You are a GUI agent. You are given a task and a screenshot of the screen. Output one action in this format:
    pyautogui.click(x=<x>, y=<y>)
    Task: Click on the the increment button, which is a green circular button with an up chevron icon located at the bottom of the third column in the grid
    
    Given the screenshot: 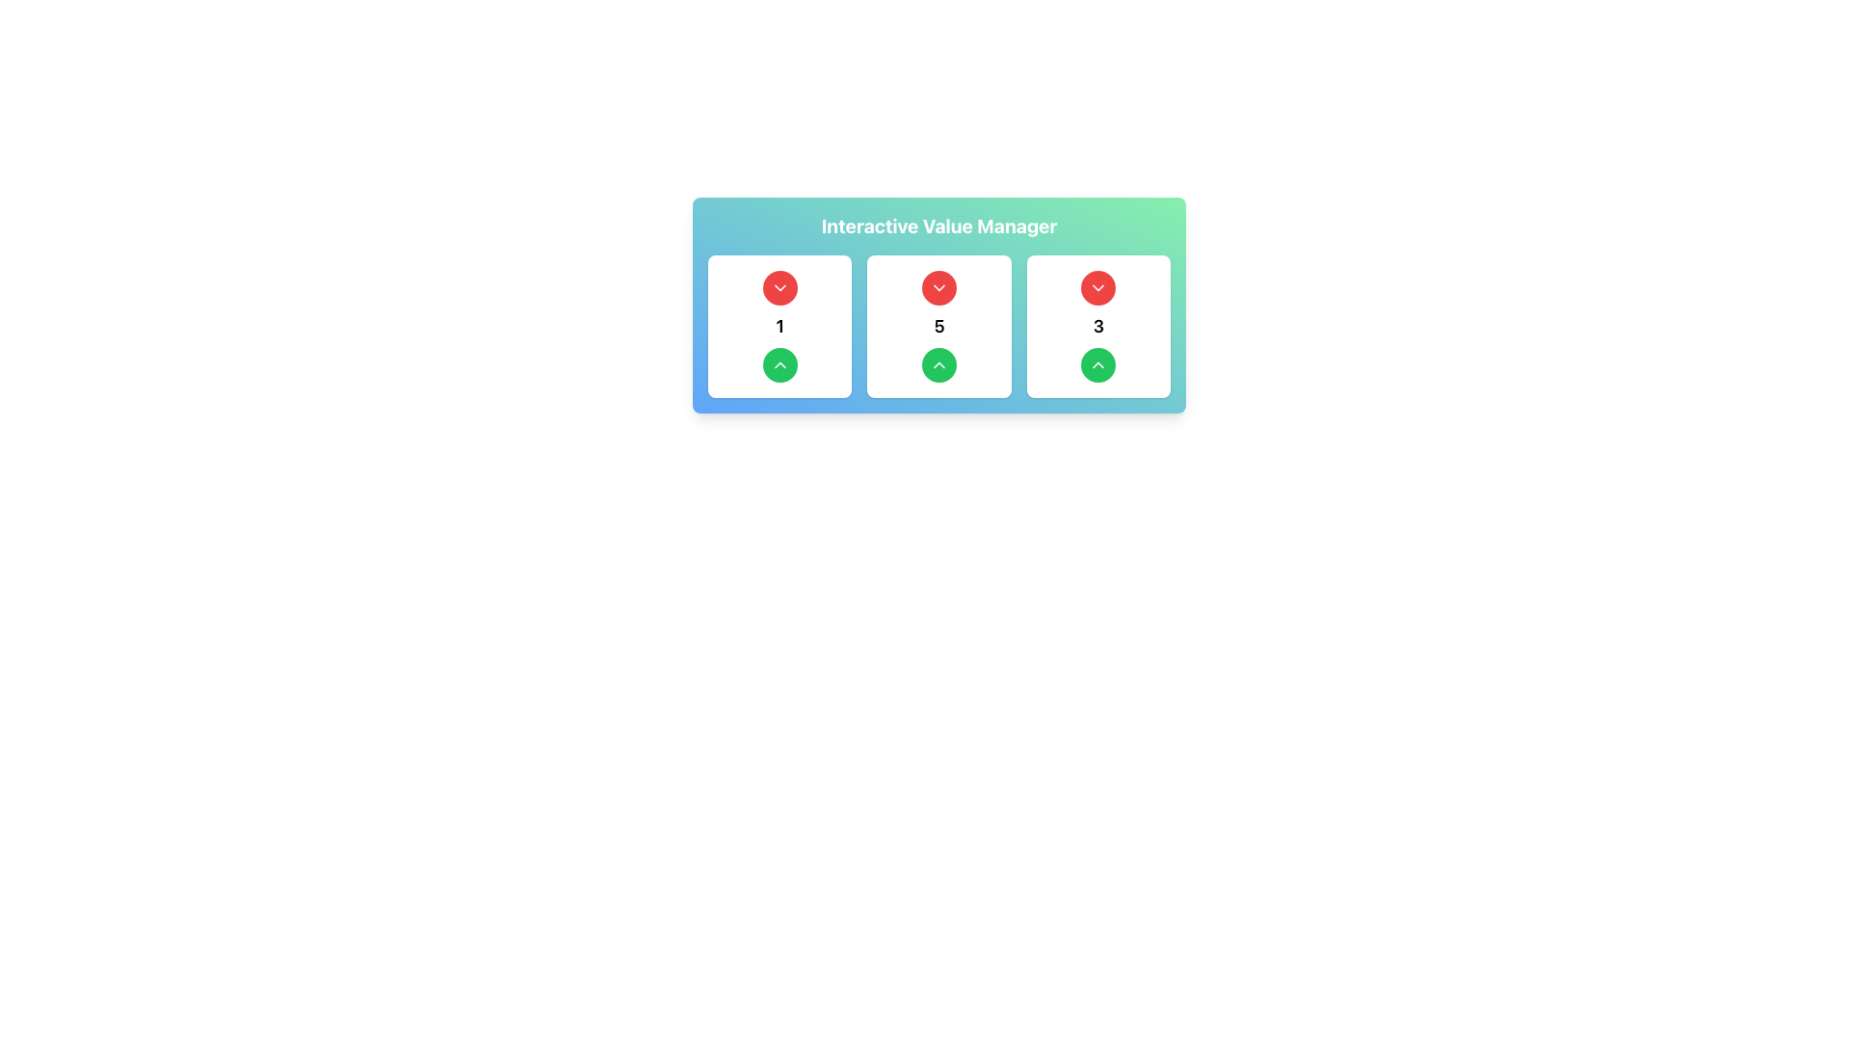 What is the action you would take?
    pyautogui.click(x=1098, y=364)
    